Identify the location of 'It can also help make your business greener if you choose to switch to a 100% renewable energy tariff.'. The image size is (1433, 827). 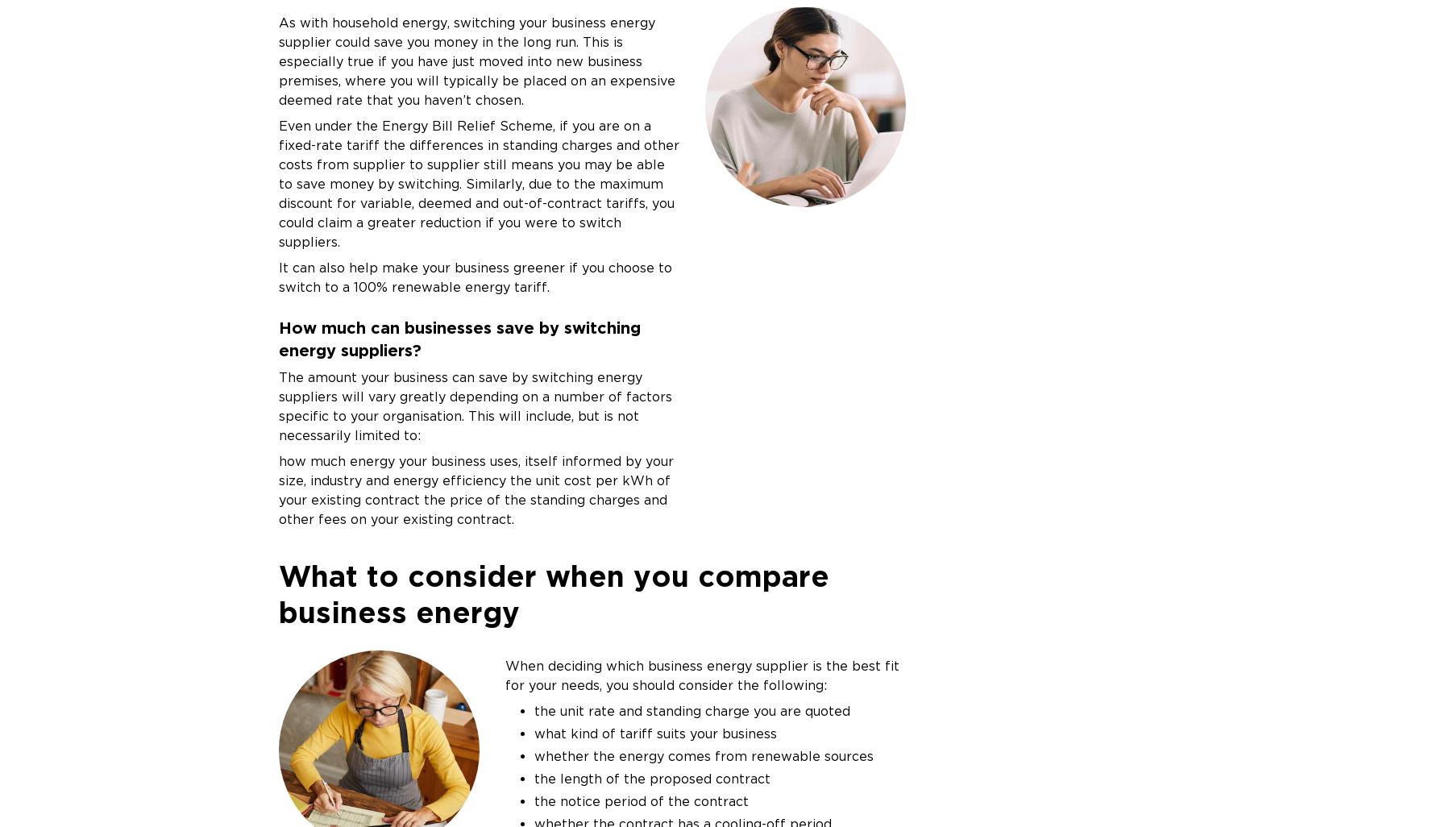
(474, 276).